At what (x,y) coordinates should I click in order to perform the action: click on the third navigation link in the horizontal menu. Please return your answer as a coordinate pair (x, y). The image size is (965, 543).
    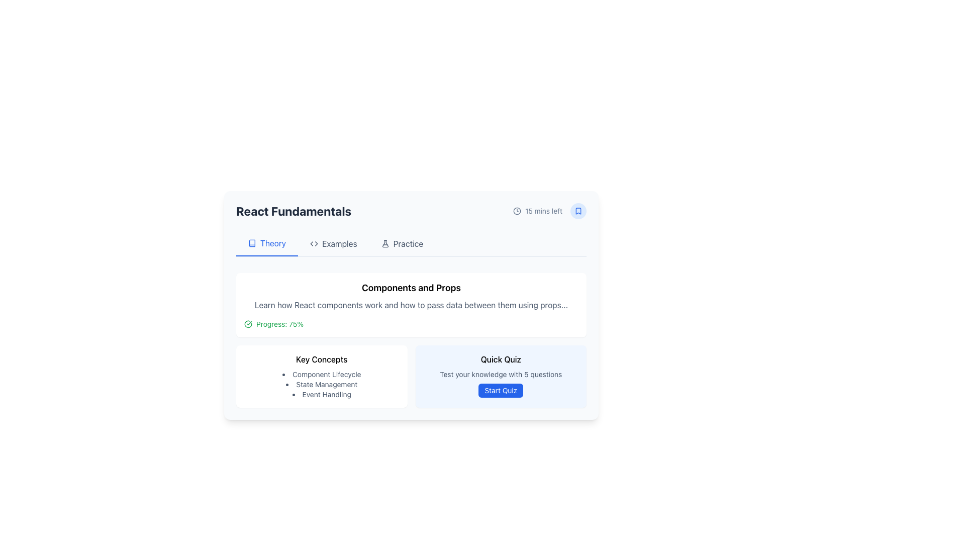
    Looking at the image, I should click on (402, 244).